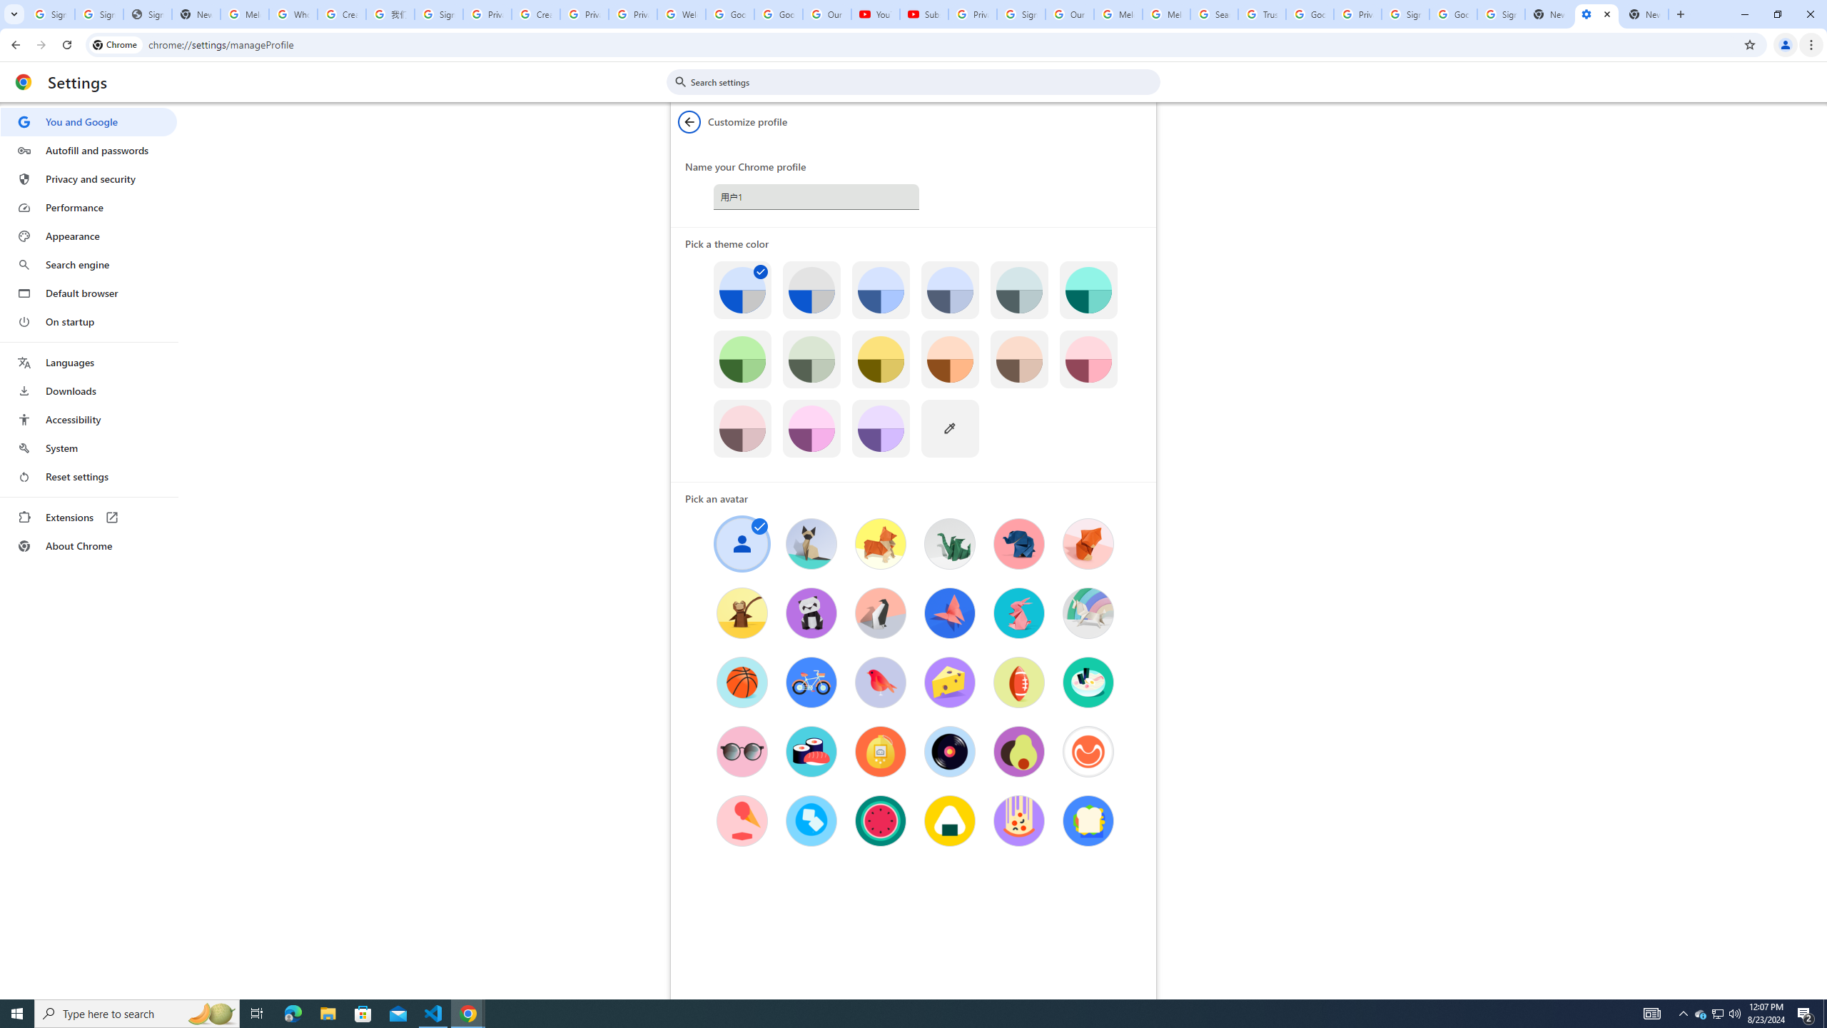 This screenshot has width=1827, height=1028. I want to click on 'Search our Doodle Library Collection - Google Doodles', so click(1213, 14).